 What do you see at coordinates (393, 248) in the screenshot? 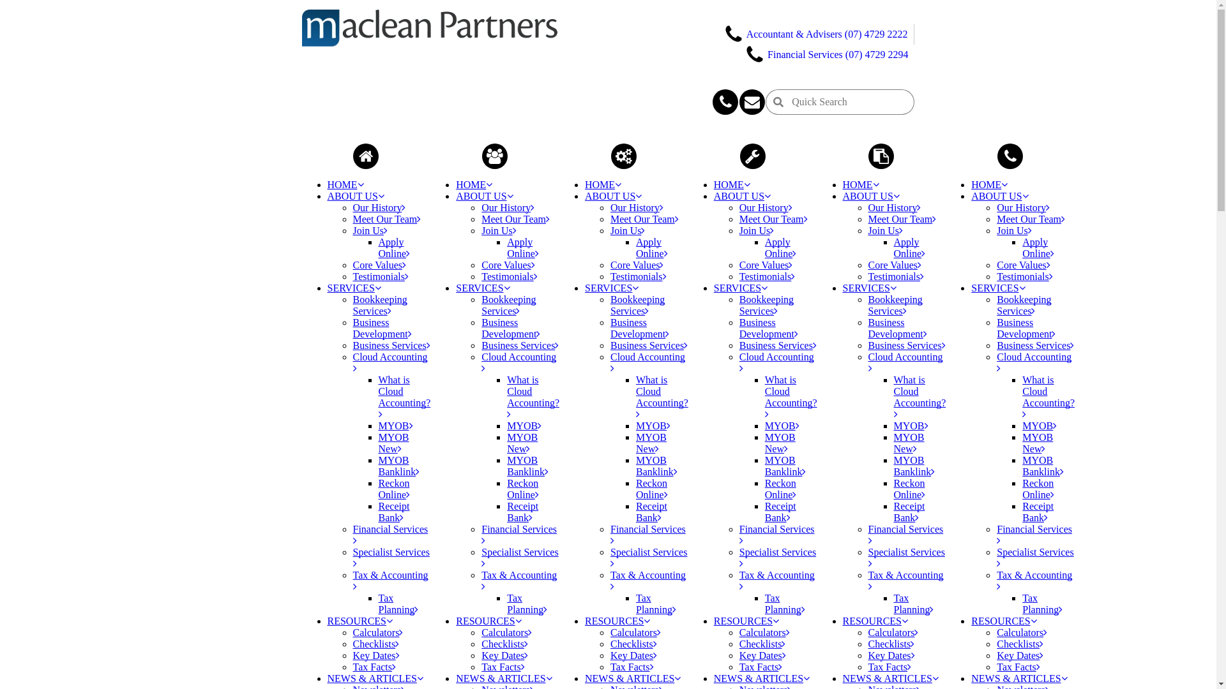
I see `'Apply Online'` at bounding box center [393, 248].